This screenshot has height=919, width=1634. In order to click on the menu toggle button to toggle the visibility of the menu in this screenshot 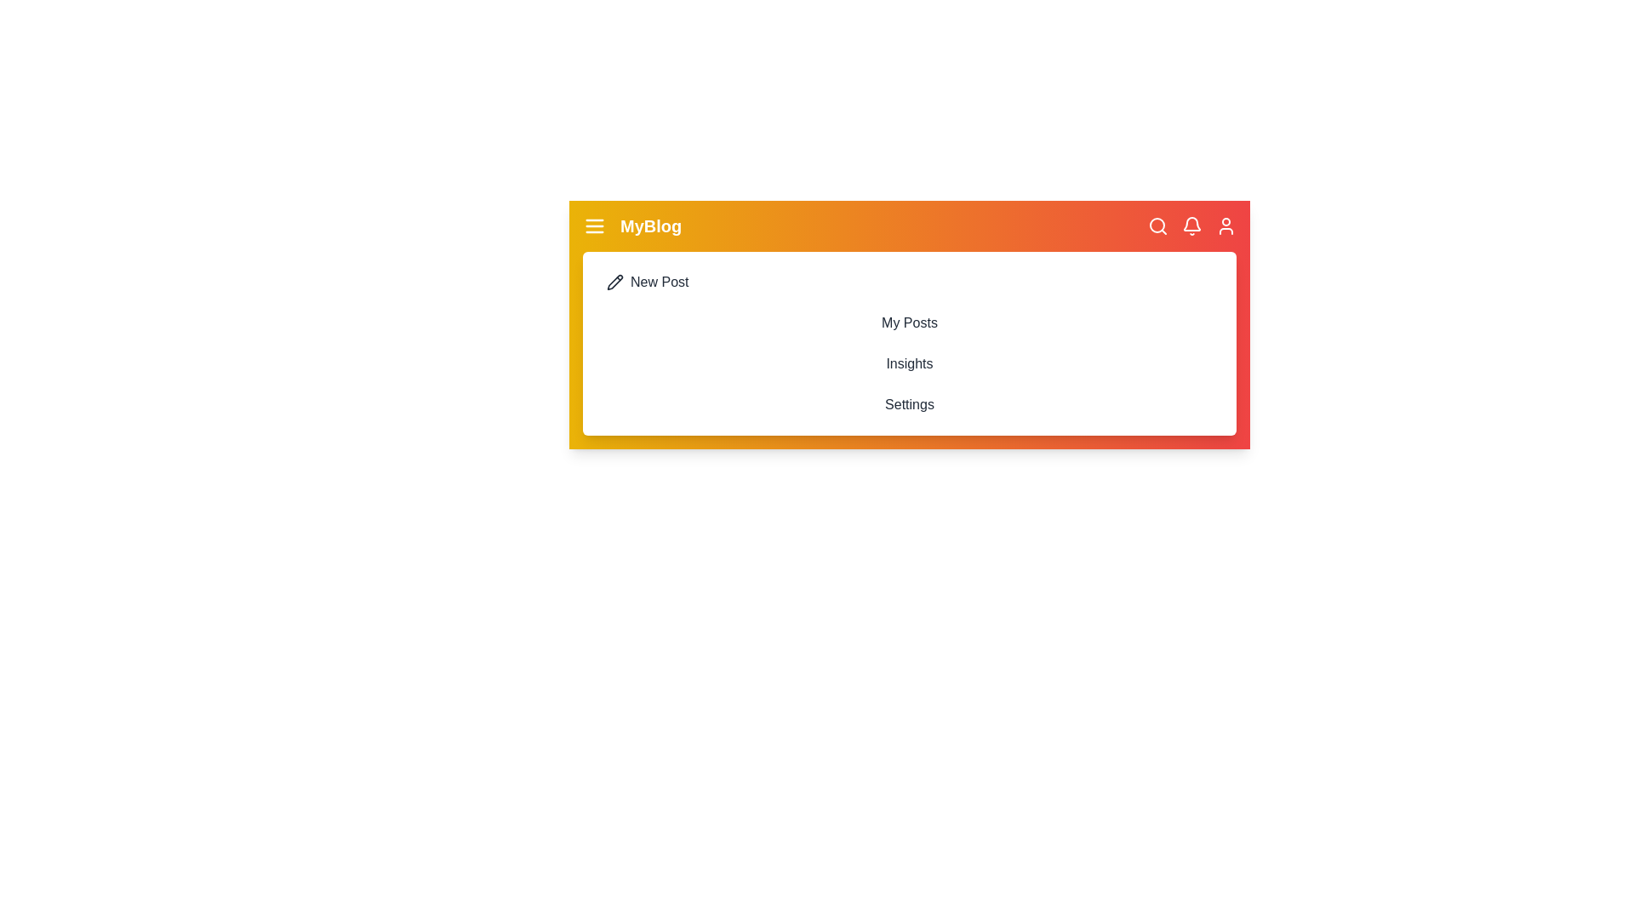, I will do `click(595, 225)`.